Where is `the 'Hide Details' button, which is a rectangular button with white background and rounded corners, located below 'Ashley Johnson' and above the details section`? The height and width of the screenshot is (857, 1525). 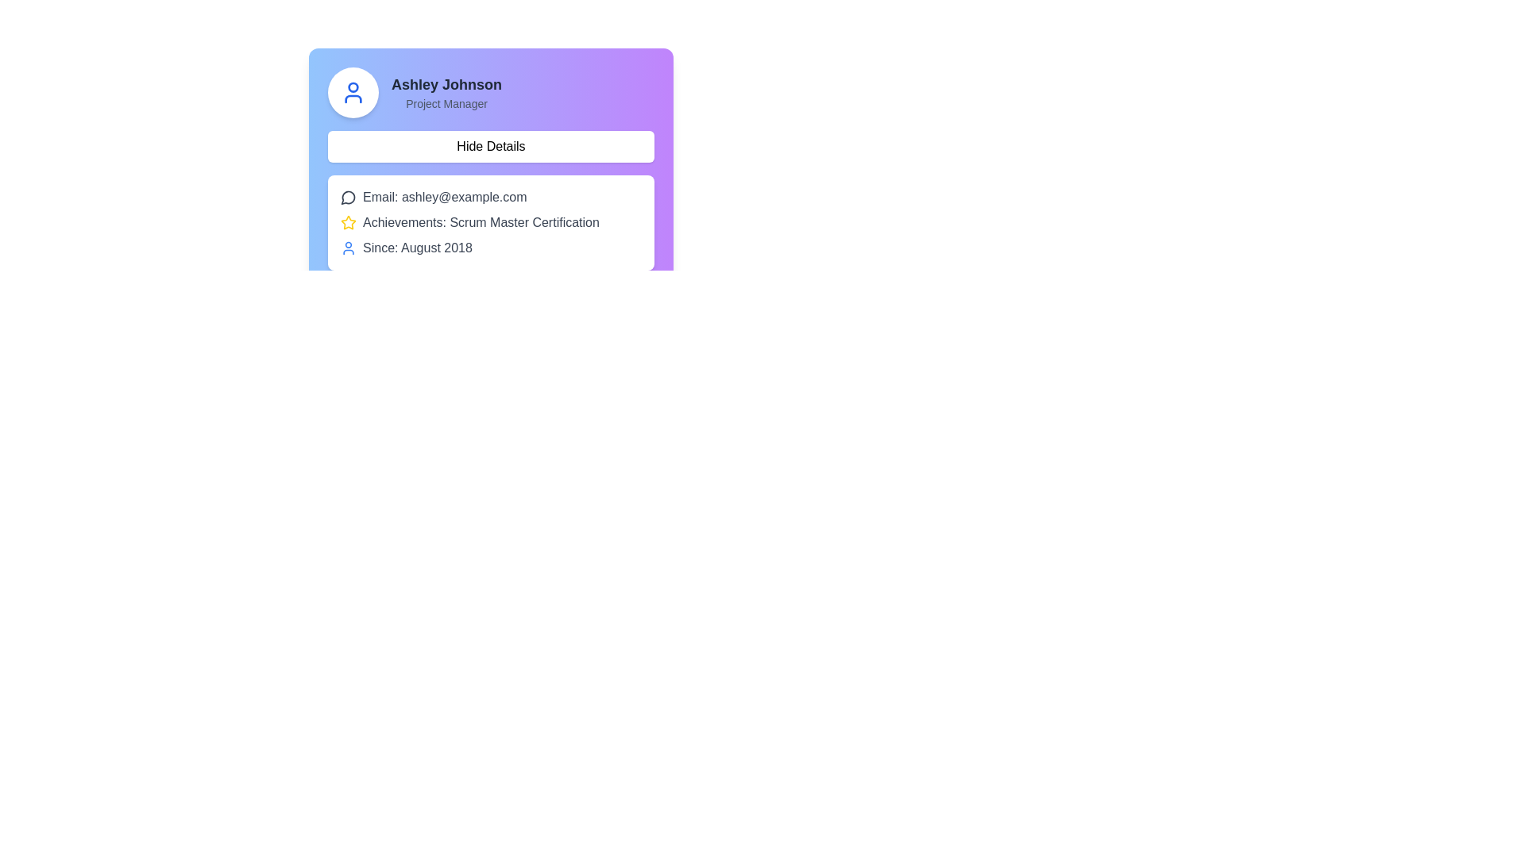 the 'Hide Details' button, which is a rectangular button with white background and rounded corners, located below 'Ashley Johnson' and above the details section is located at coordinates (490, 147).